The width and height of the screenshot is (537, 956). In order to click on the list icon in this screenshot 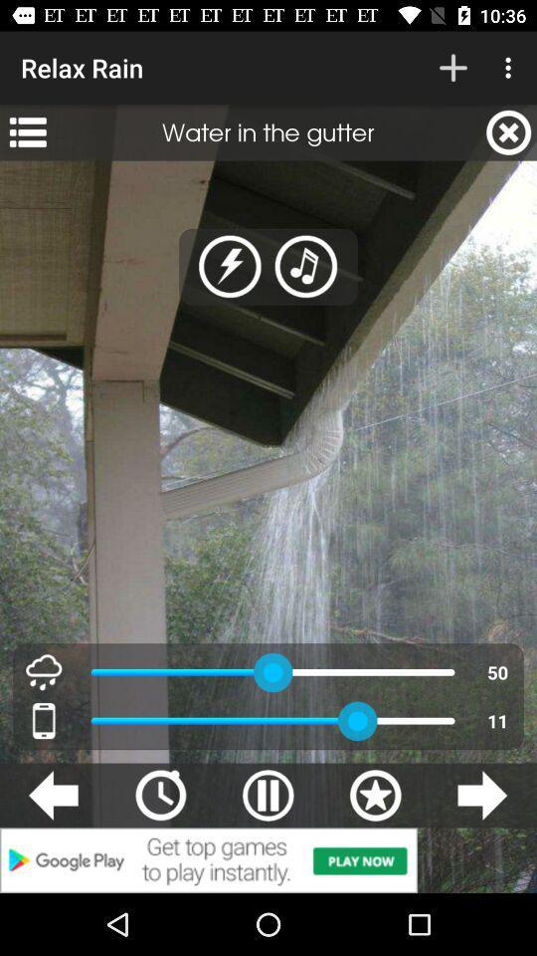, I will do `click(27, 131)`.